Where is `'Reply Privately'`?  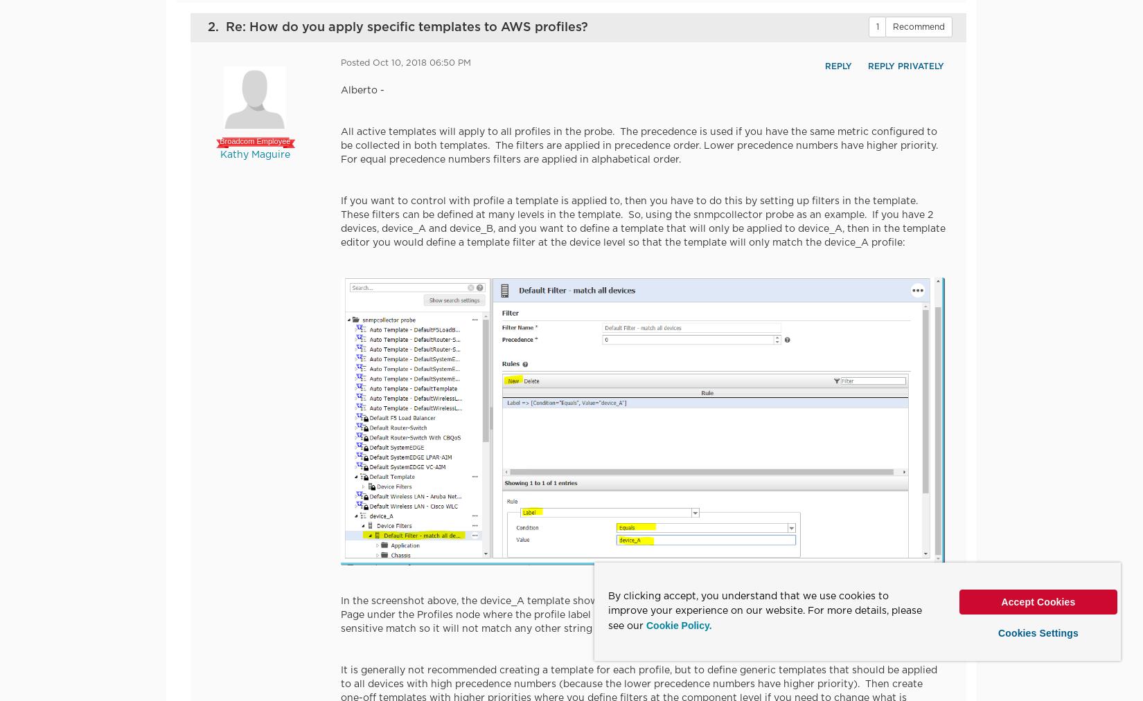
'Reply Privately' is located at coordinates (904, 66).